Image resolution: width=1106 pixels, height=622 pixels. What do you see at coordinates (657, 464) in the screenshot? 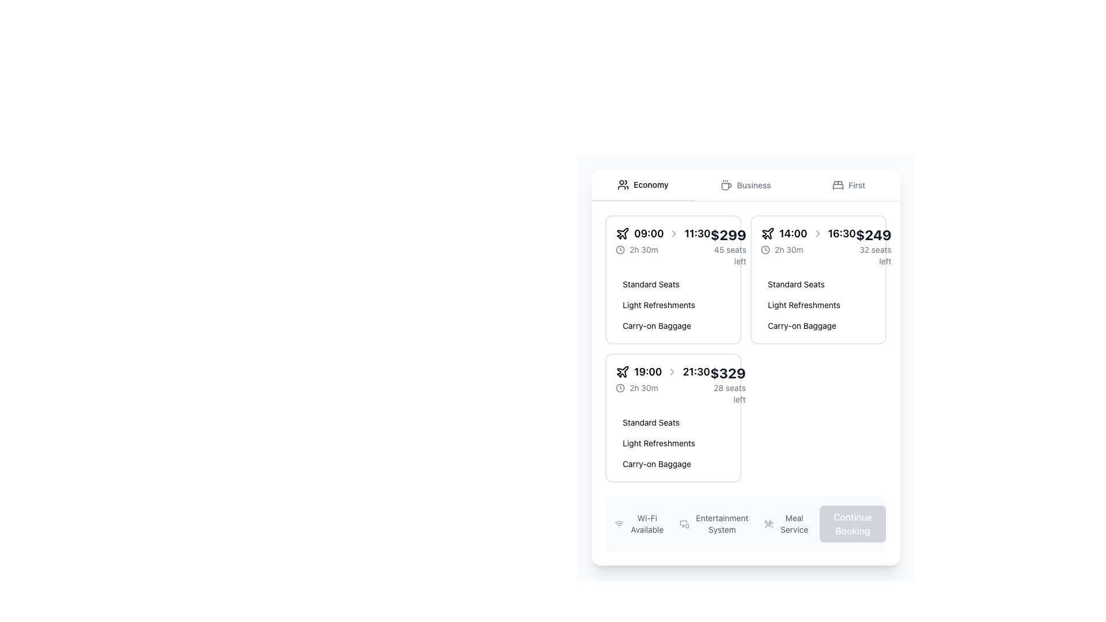
I see `the 'Carry-on Baggage' Text Label element, which is a rectangular label with rounded corners displaying blue text on a light blue background, located in the vertical stack of benefits under a flight itinerary card` at bounding box center [657, 464].